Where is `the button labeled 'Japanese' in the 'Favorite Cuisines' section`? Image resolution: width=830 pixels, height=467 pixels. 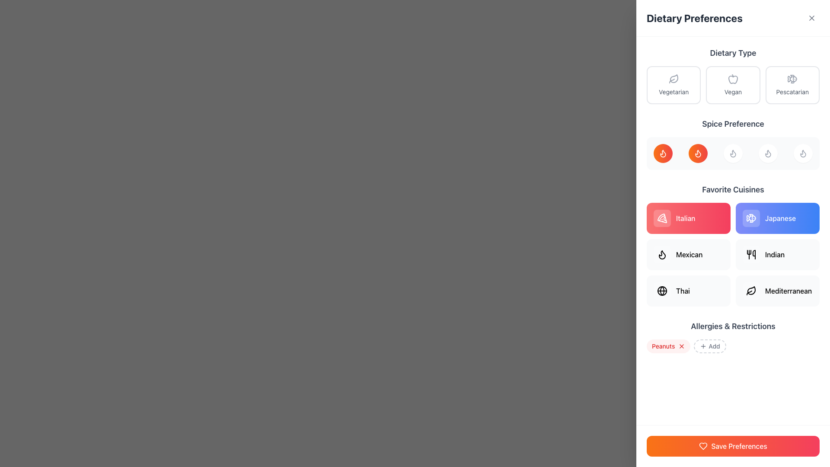
the button labeled 'Japanese' in the 'Favorite Cuisines' section is located at coordinates (750, 218).